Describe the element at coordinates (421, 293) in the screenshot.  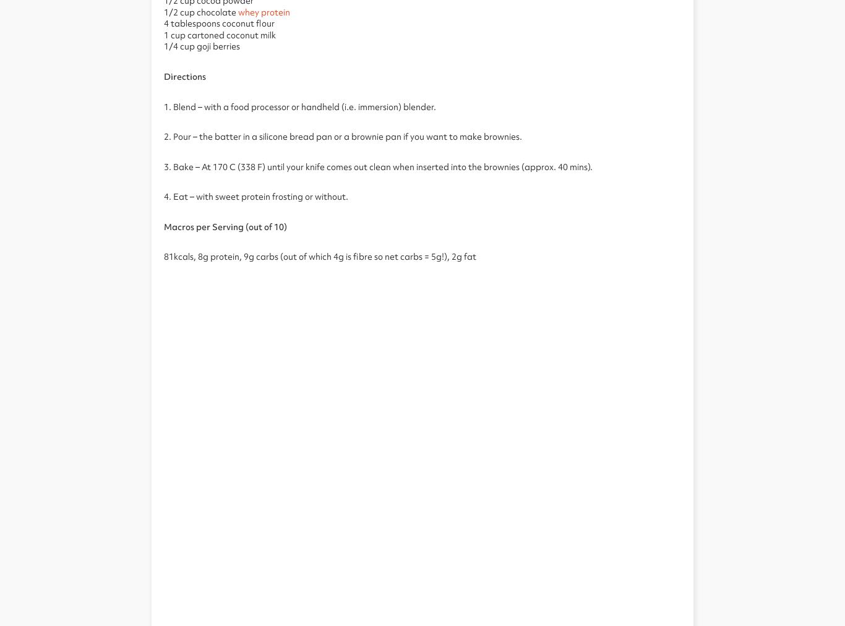
I see `'© 2023 The Locker Room. All Rights Reserved. Protein Works is a trading name of Class Delta Ltd. Registered in England & Wales. Company No. 8170845'` at that location.